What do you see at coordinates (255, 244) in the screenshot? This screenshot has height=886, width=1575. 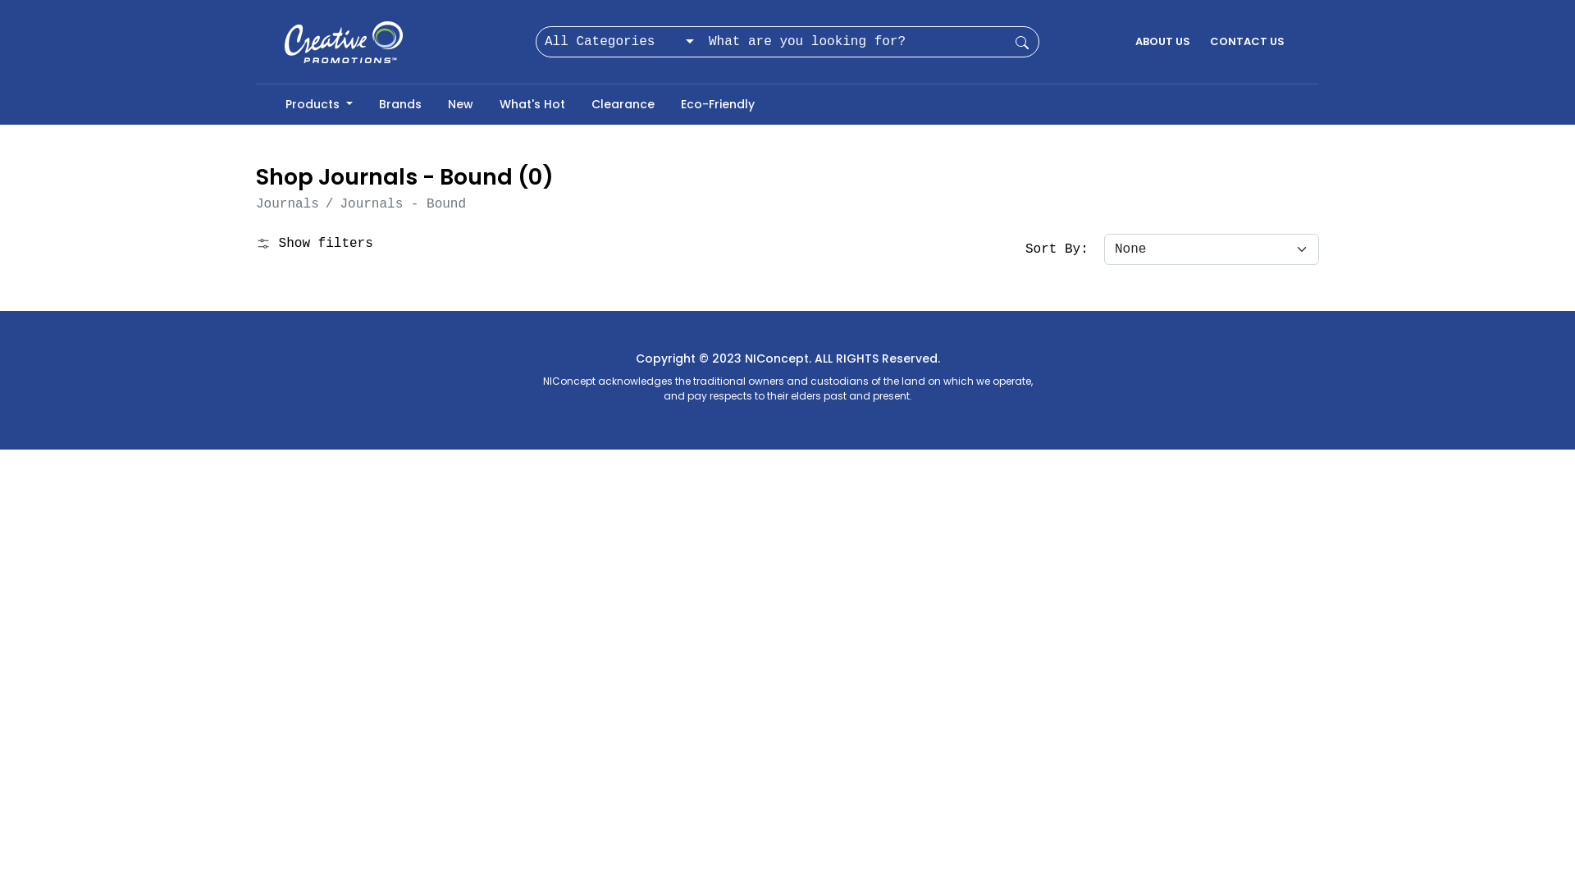 I see `'Show filters'` at bounding box center [255, 244].